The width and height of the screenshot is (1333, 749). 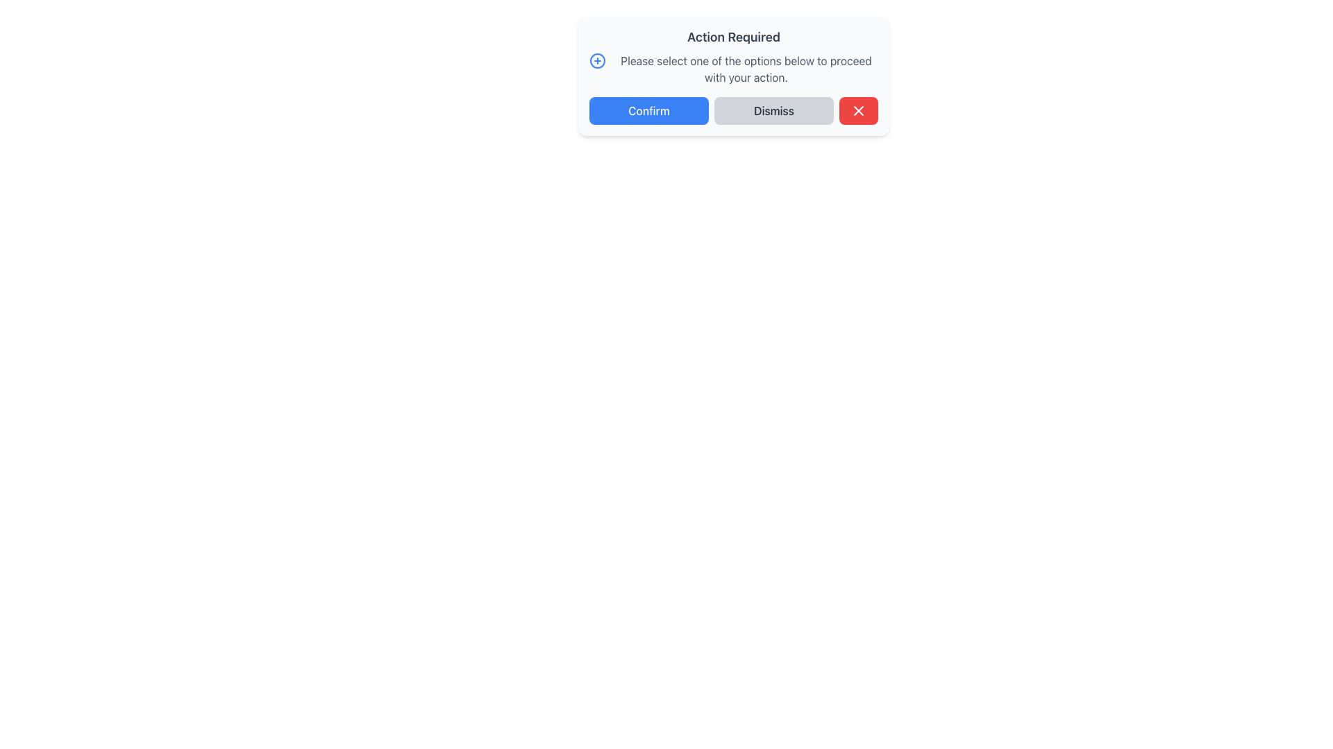 What do you see at coordinates (597, 60) in the screenshot?
I see `the blue circle SVG shape located near the top-left corner of the message box` at bounding box center [597, 60].